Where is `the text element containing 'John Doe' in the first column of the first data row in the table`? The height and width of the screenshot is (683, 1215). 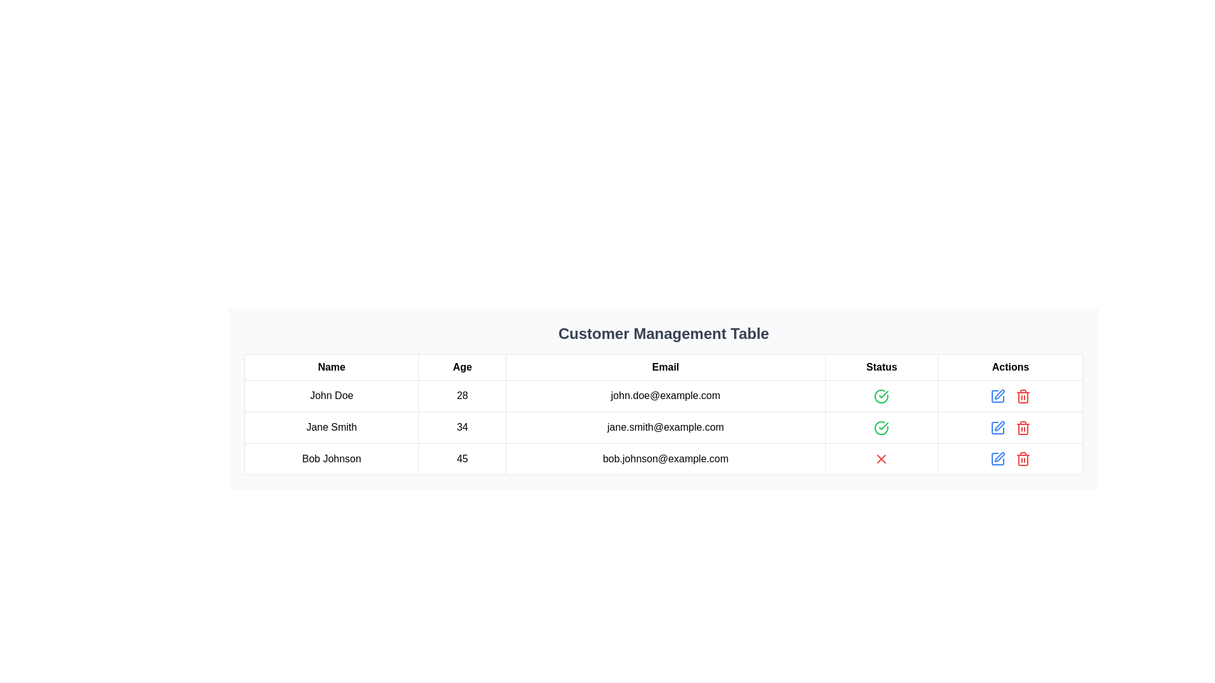 the text element containing 'John Doe' in the first column of the first data row in the table is located at coordinates (332, 395).